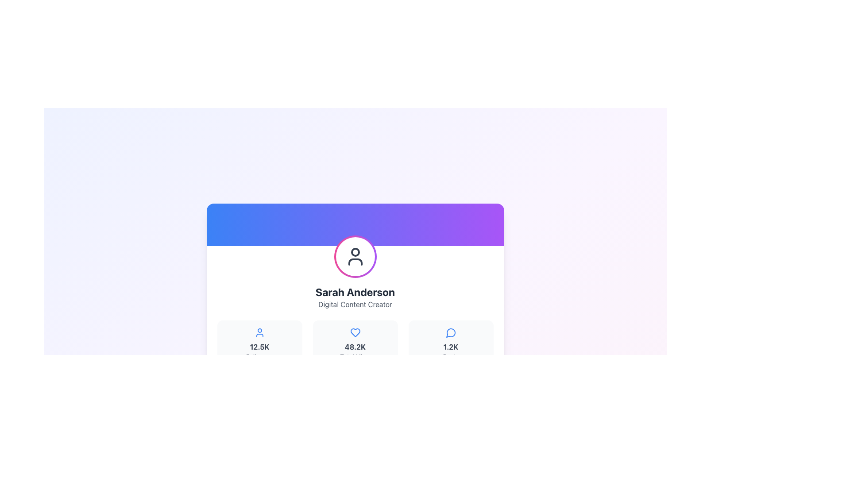  Describe the element at coordinates (450, 333) in the screenshot. I see `the circular speech bubble graphic icon located above the statistic count in the bottom right corner of the profile statistic card` at that location.